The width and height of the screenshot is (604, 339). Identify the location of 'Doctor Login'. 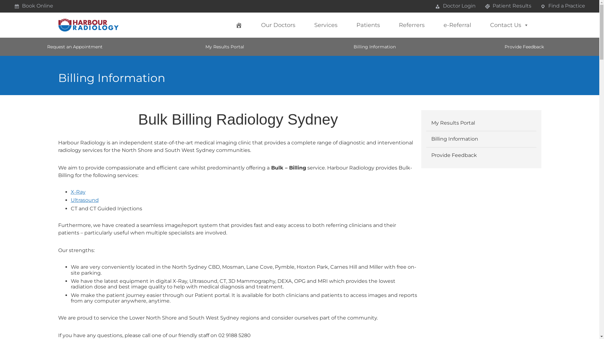
(455, 6).